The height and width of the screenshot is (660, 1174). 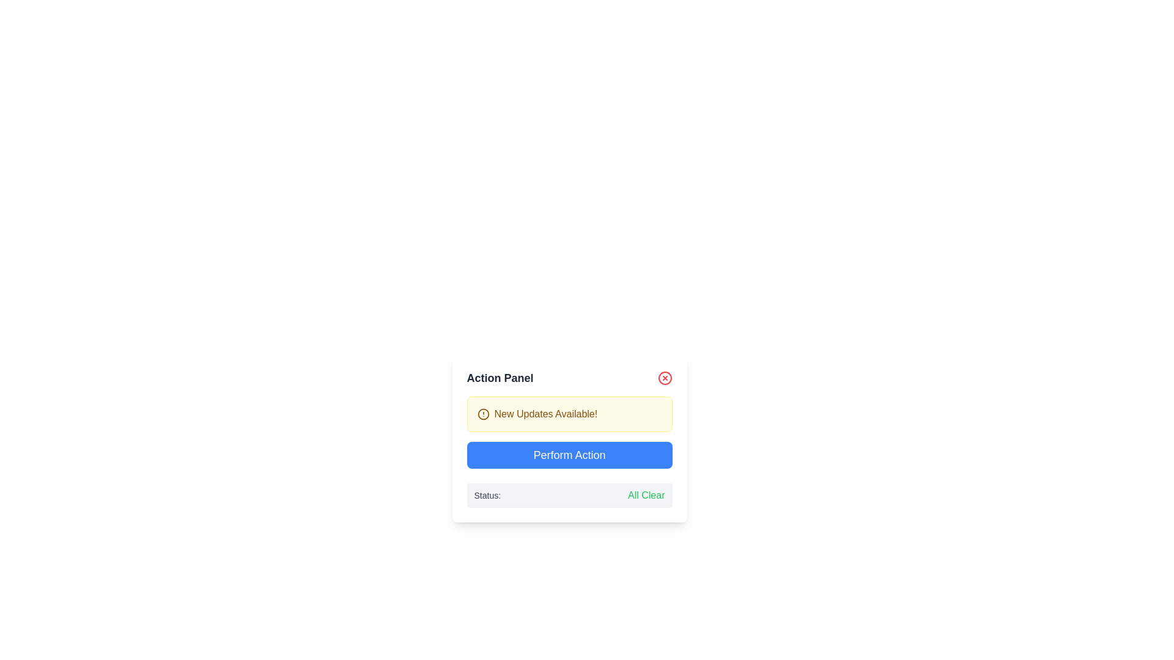 What do you see at coordinates (482, 414) in the screenshot?
I see `the icon located on the left side of the yellow alert box containing the text 'New Updates Available!'` at bounding box center [482, 414].